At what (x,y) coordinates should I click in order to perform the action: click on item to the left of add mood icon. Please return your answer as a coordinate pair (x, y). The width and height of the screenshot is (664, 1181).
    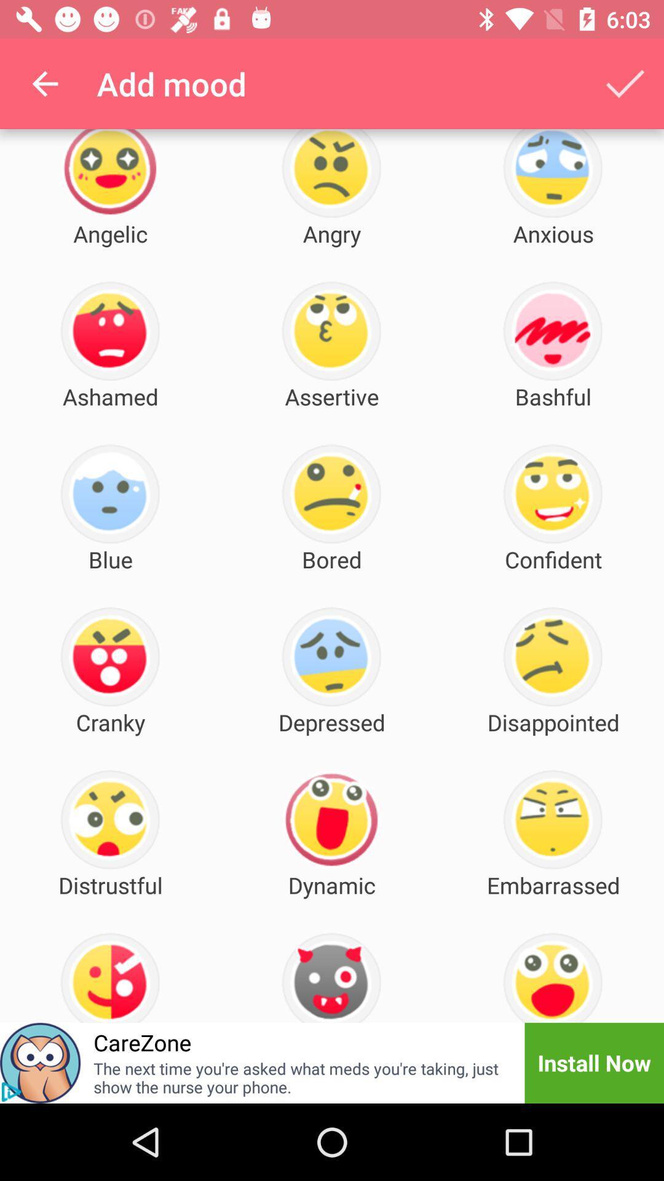
    Looking at the image, I should click on (44, 83).